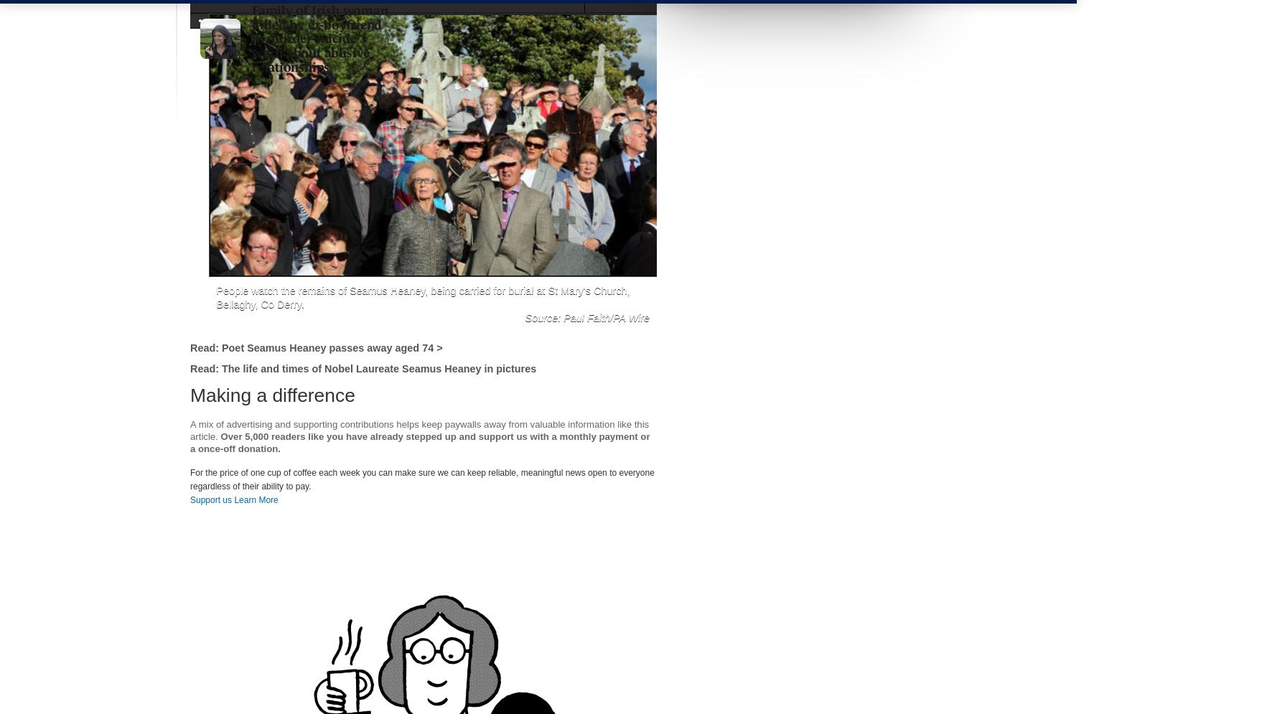 The height and width of the screenshot is (714, 1267). Describe the element at coordinates (419, 429) in the screenshot. I see `'A mix of advertising and supporting contributions helps keep paywalls away from valuable information like this article.'` at that location.